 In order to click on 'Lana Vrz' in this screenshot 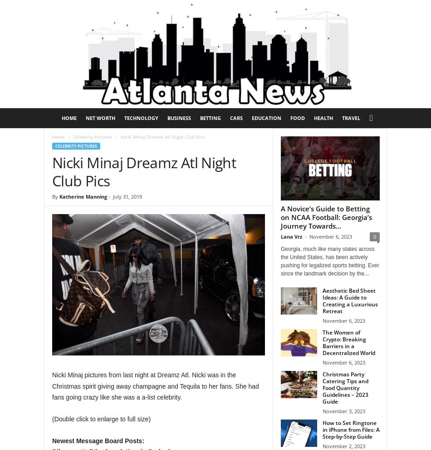, I will do `click(291, 236)`.